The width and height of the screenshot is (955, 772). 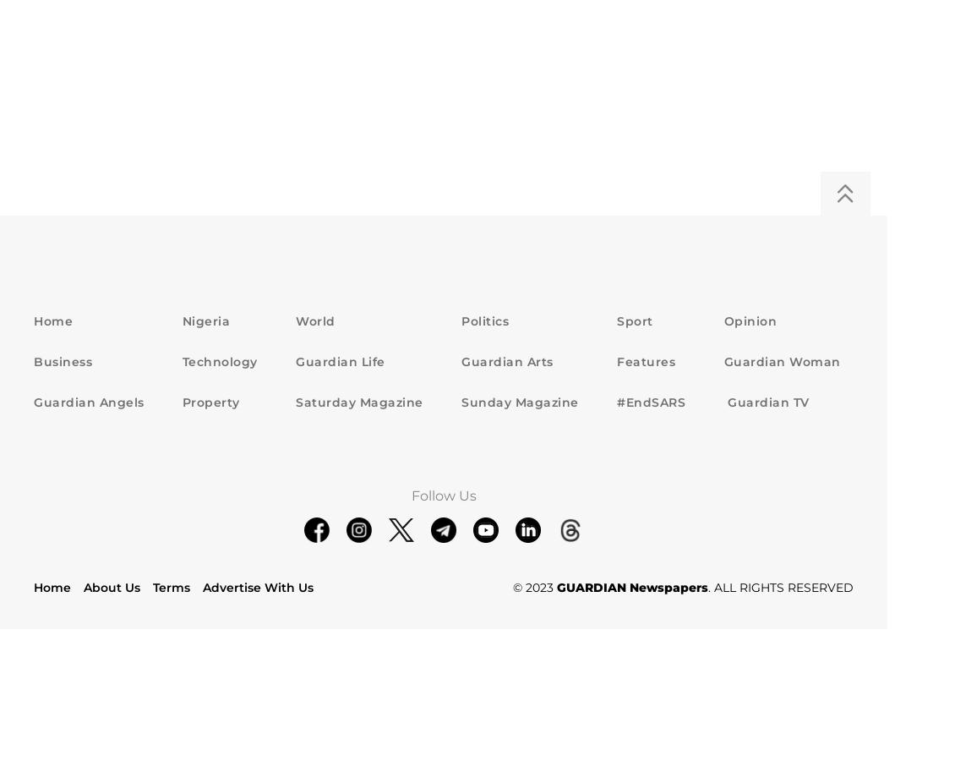 I want to click on 'Follow Us', so click(x=443, y=495).